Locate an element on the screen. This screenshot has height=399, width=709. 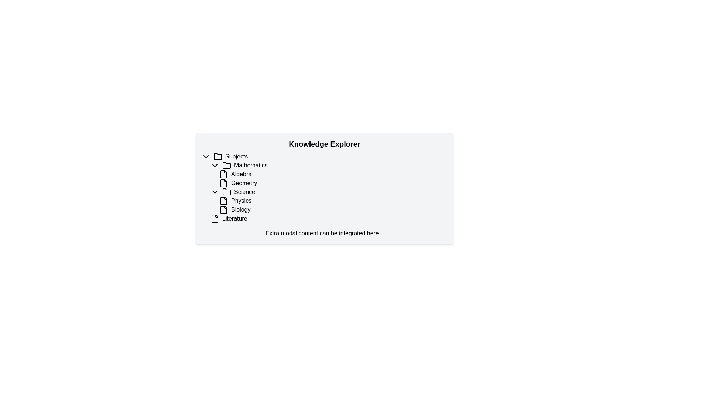
the 'Geometry' text label, which is positioned centrally under the 'Mathematics' category and between 'Algebra' and 'Science' is located at coordinates (244, 183).